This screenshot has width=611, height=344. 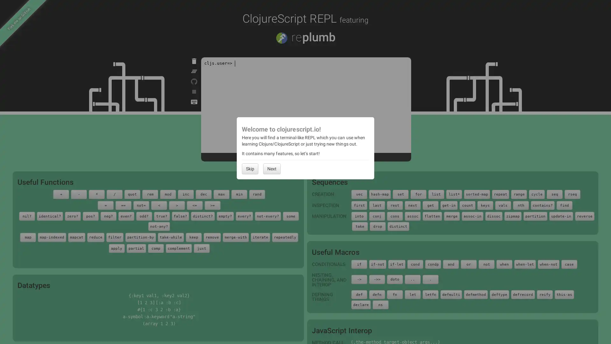 I want to click on complement, so click(x=178, y=248).